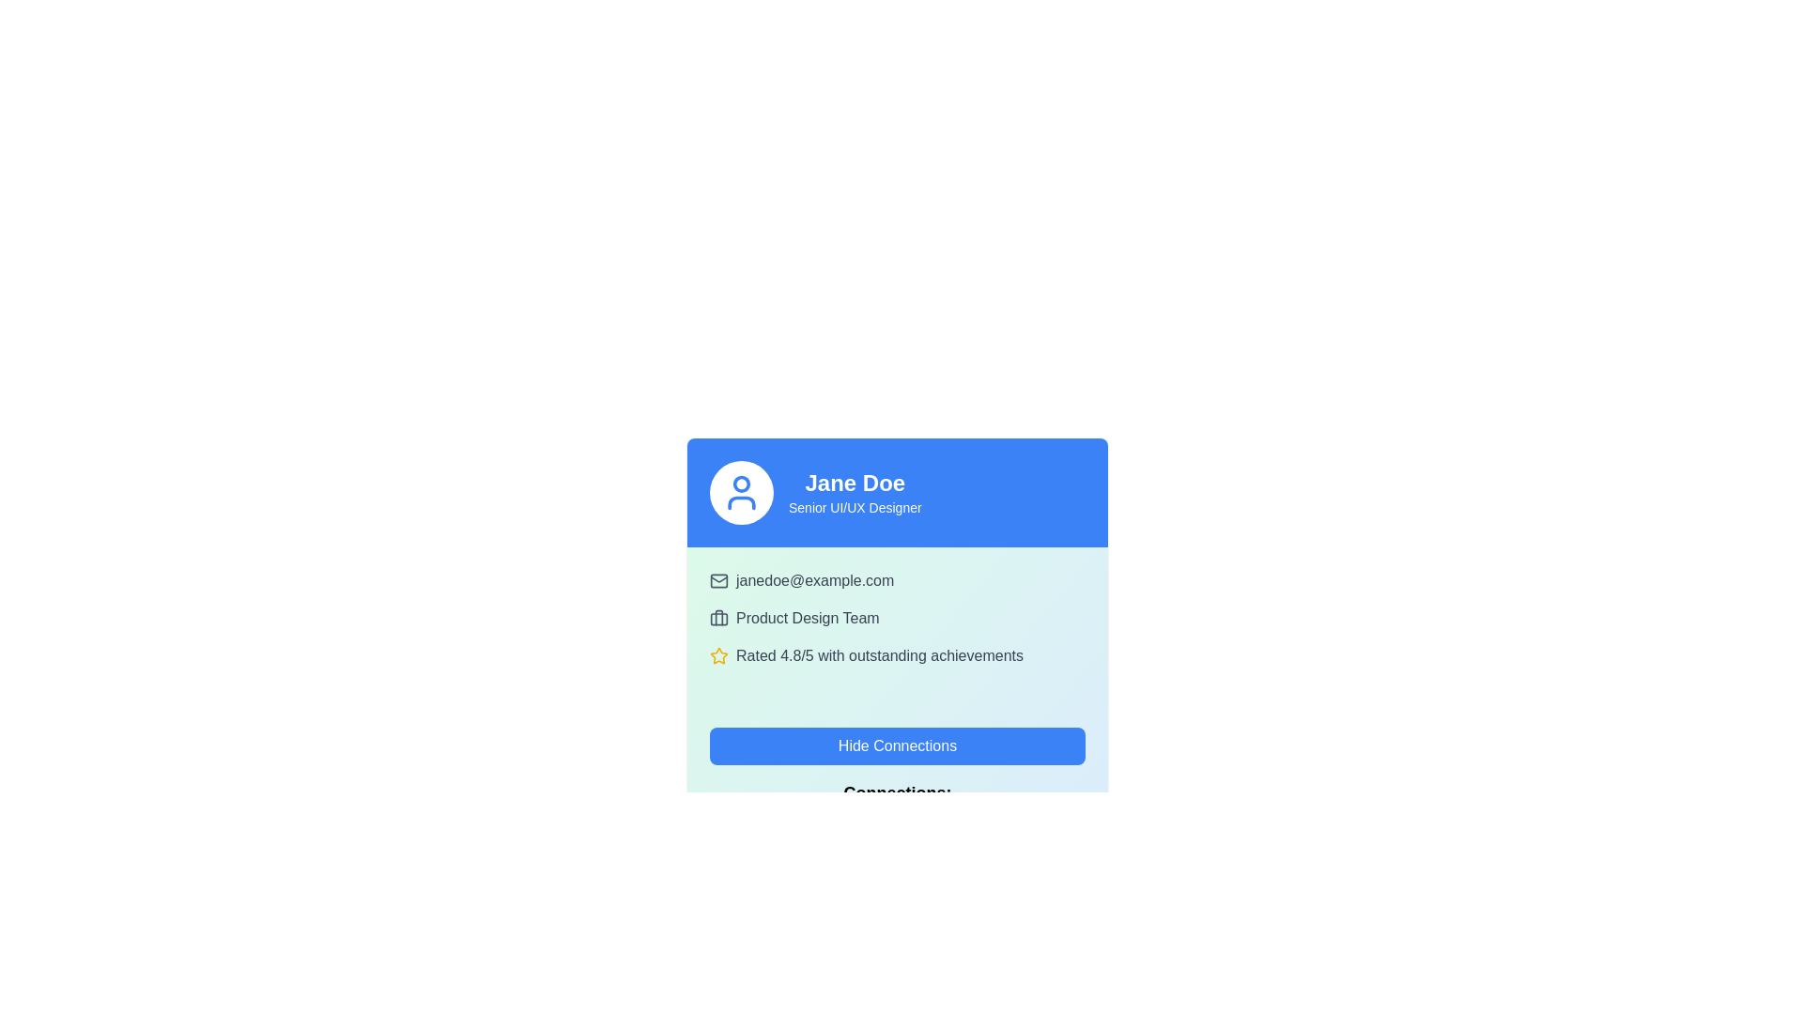  I want to click on the Profile header section located at the top of the card, which contains essential information about the individual, including their name and professional title, so click(896, 491).